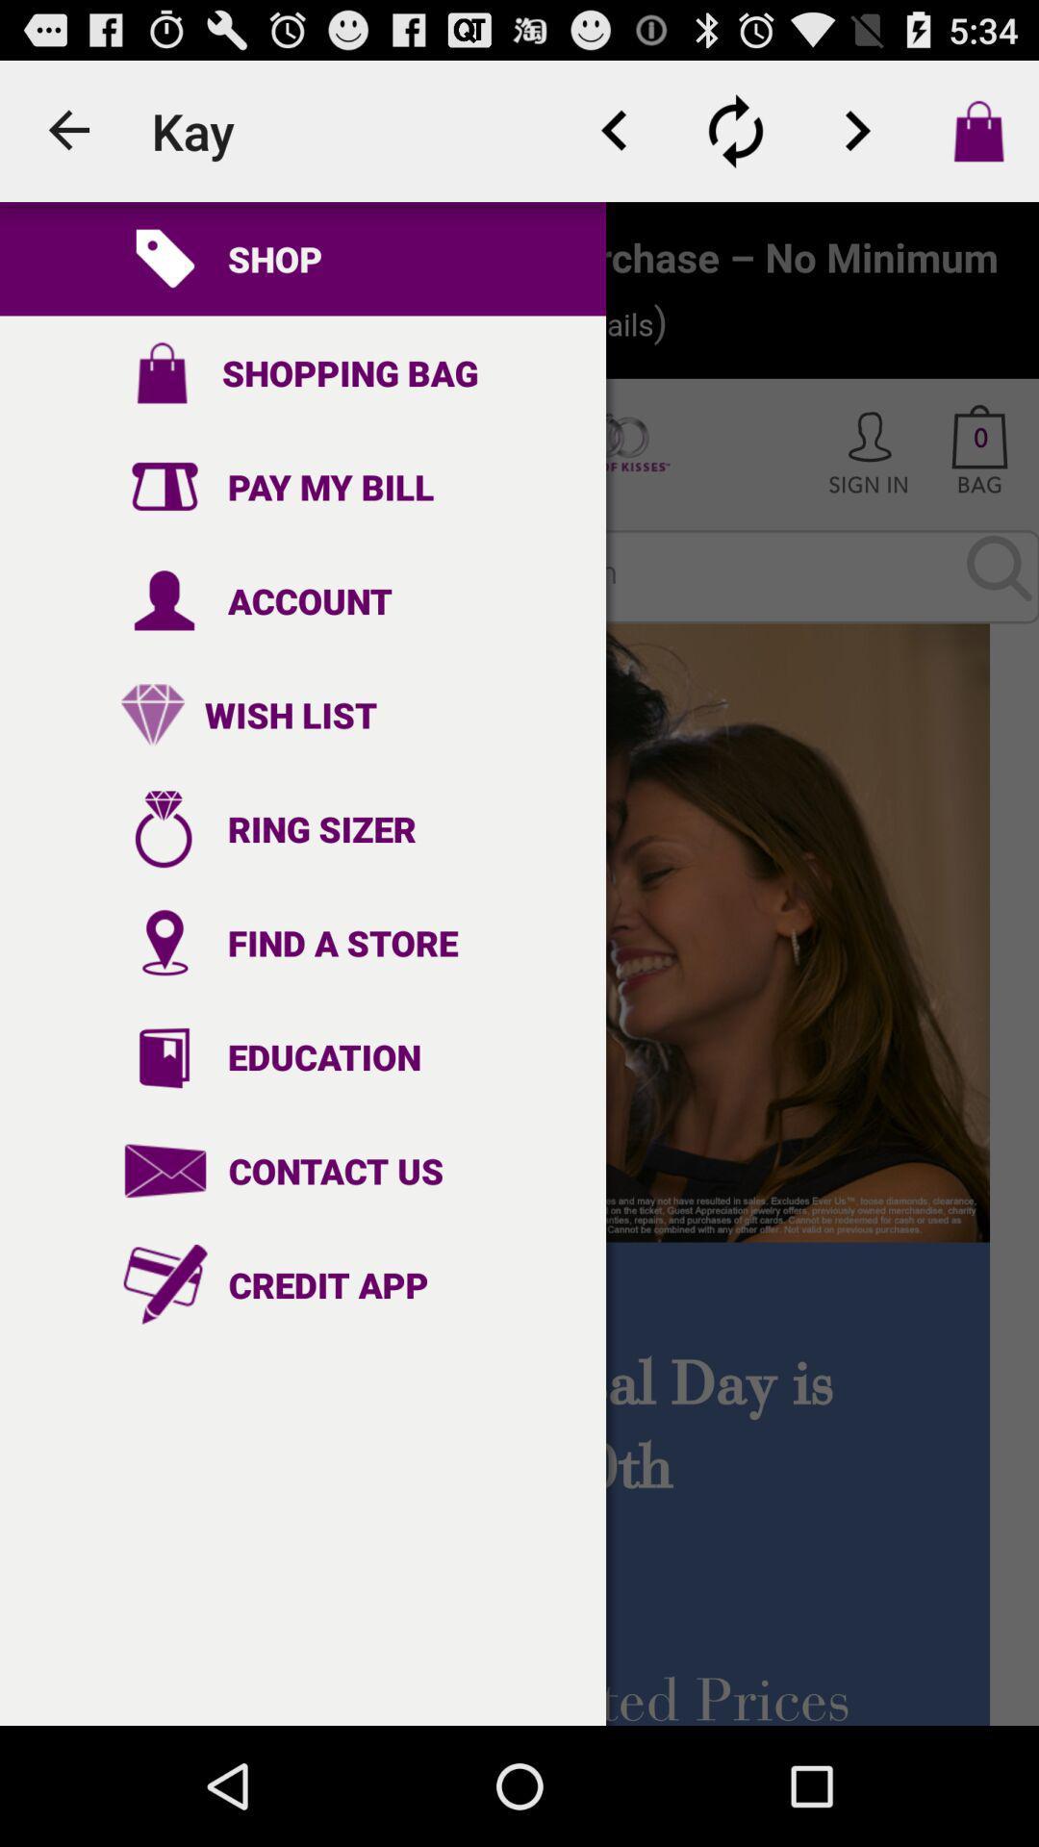 The width and height of the screenshot is (1039, 1847). What do you see at coordinates (735, 130) in the screenshot?
I see `refrech` at bounding box center [735, 130].